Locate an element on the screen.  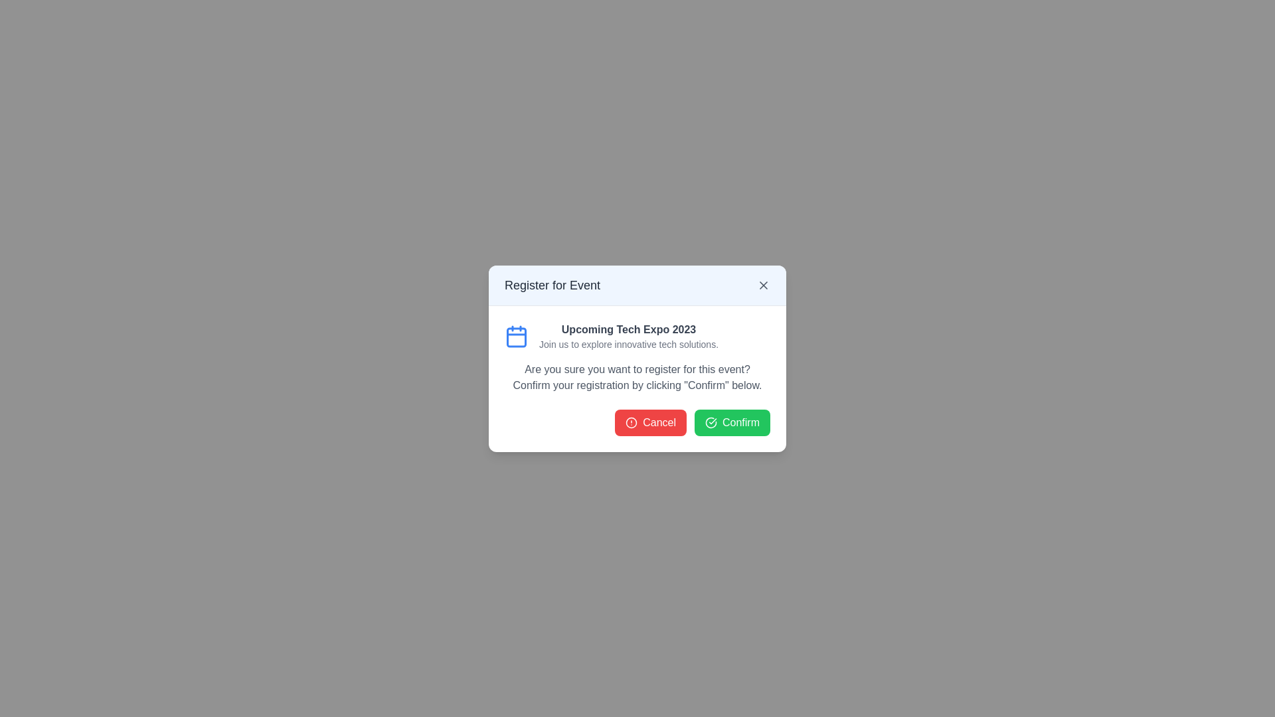
the rounded rectangle within the calendar icon located near the top left of the modal dialog box, which is styled in blue and white colors is located at coordinates (515, 337).